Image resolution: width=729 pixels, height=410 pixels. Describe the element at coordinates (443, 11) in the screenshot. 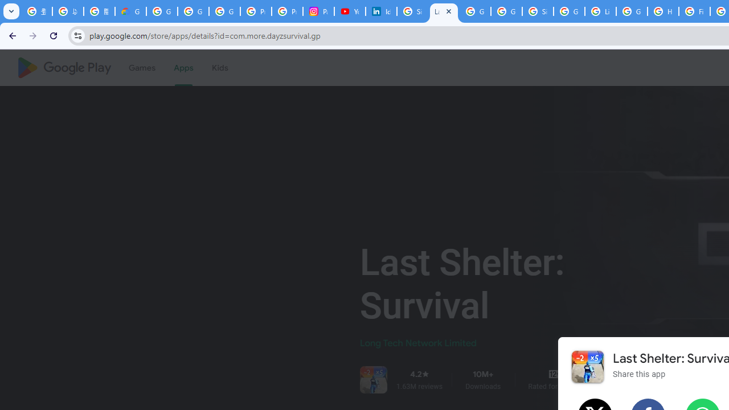

I see `'Last Shelter: Survival - Apps on Google Play'` at that location.